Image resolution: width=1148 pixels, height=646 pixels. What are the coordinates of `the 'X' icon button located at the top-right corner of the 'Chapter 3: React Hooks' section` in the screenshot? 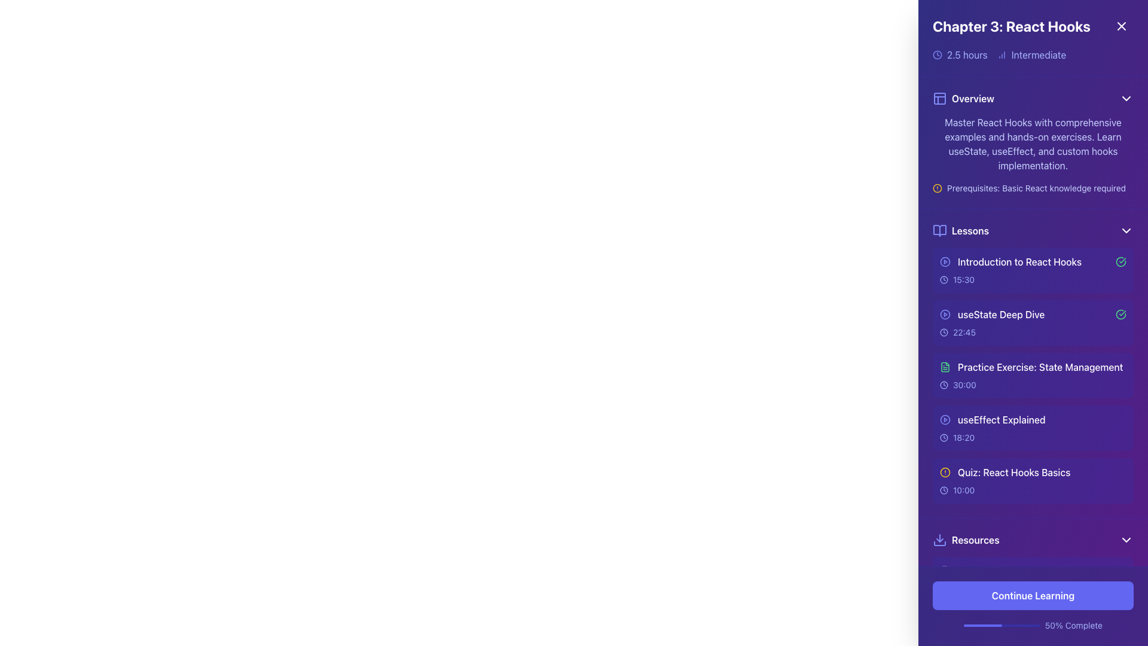 It's located at (1121, 26).